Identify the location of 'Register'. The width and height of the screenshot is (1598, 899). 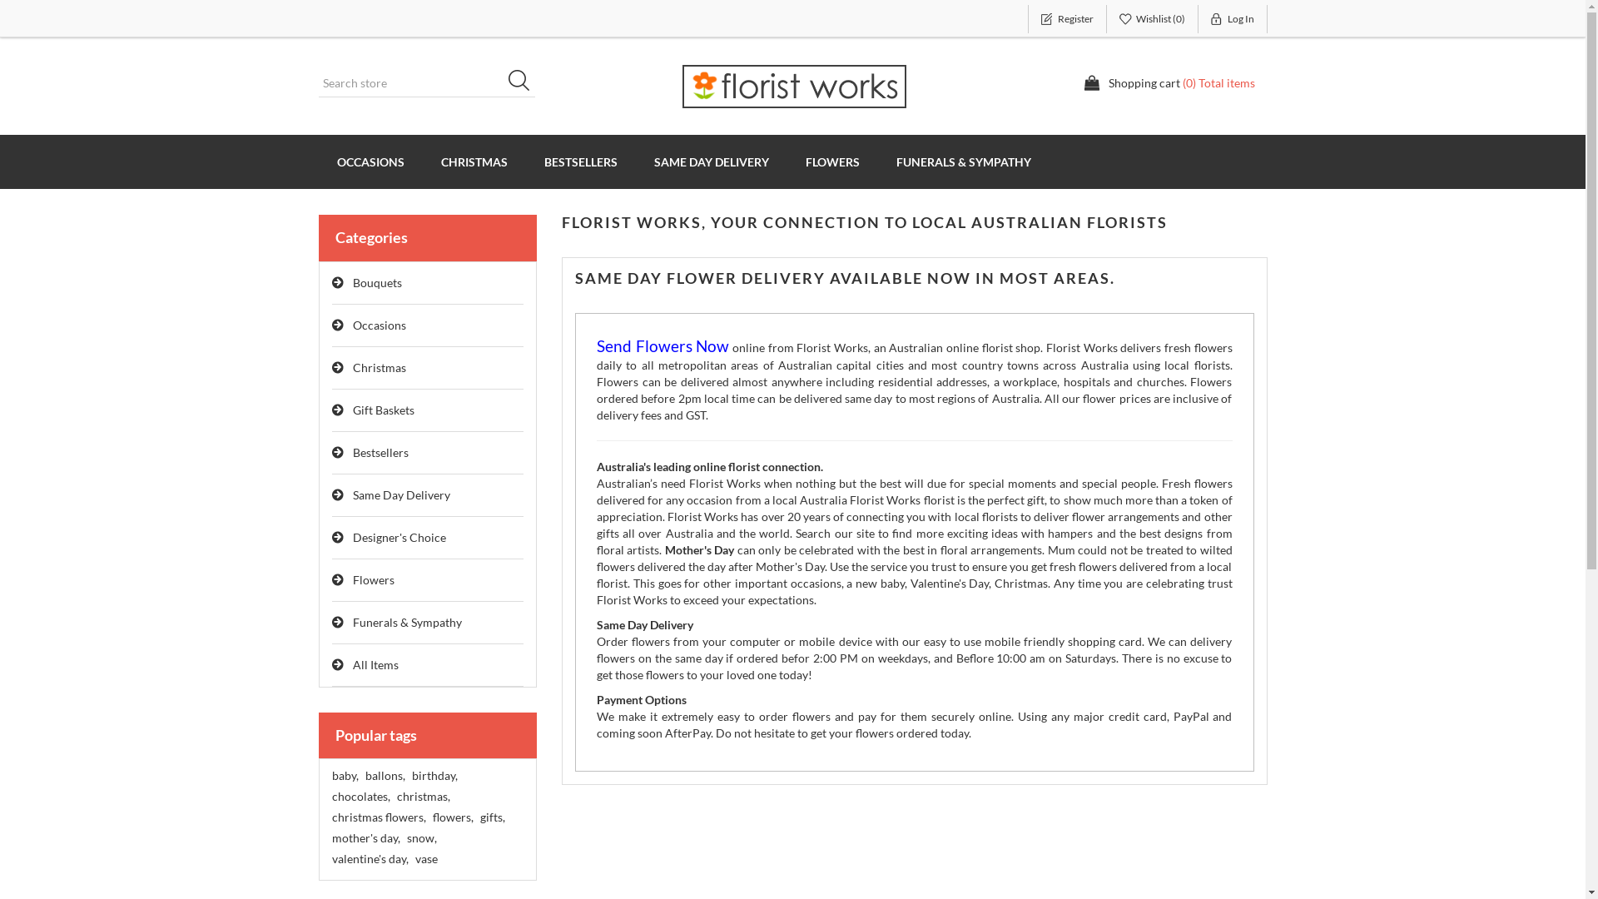
(1066, 19).